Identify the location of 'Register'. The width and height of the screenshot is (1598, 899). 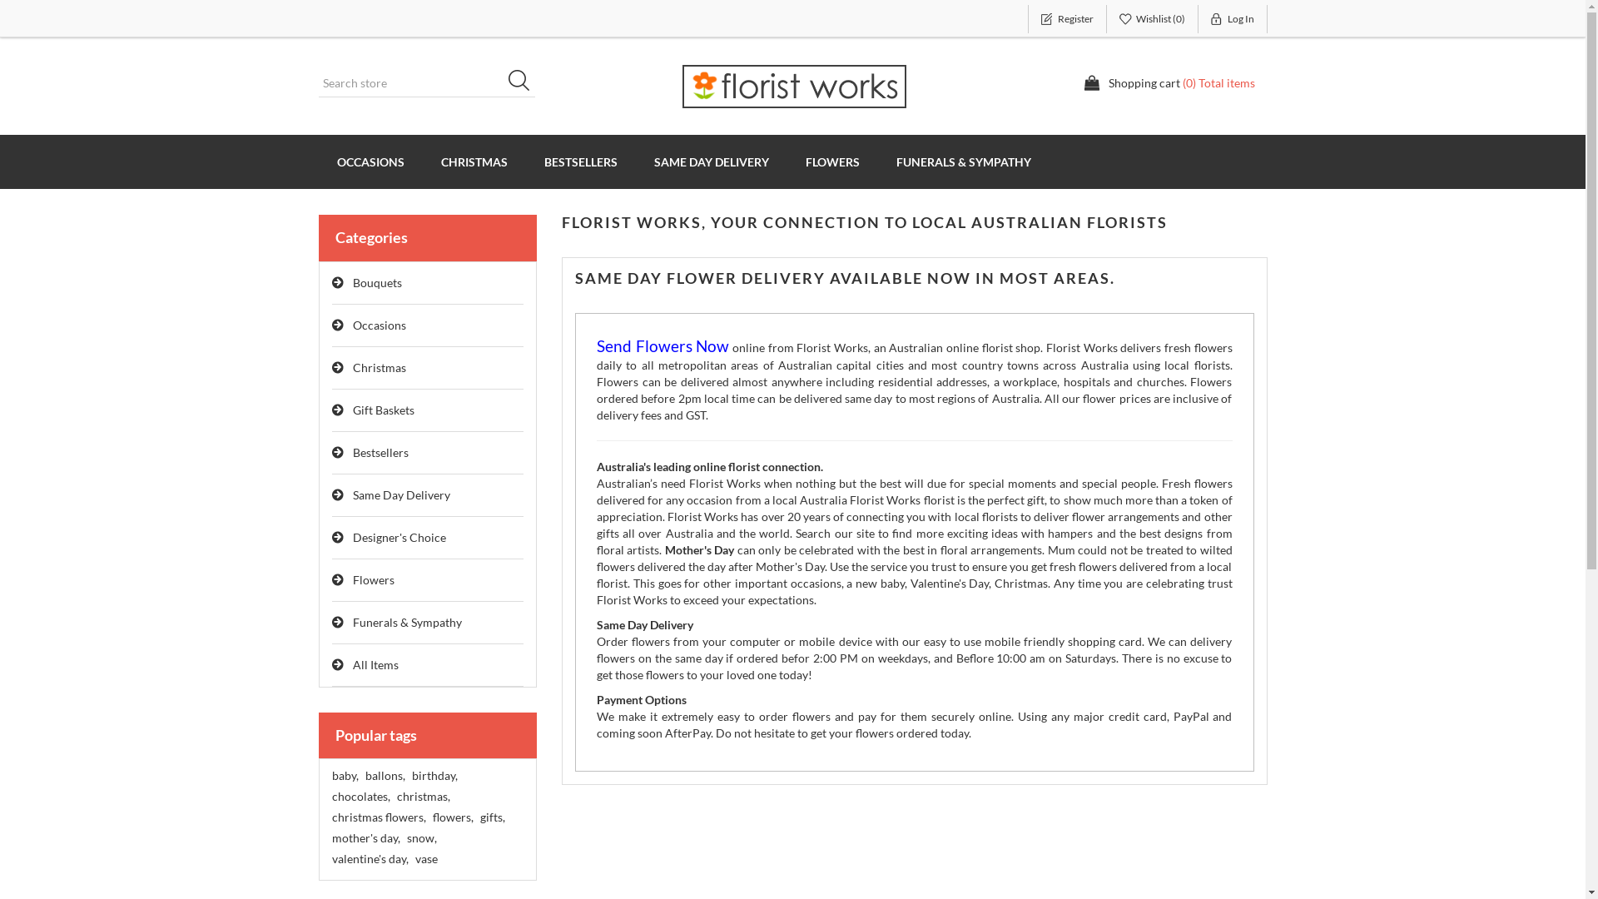
(1066, 19).